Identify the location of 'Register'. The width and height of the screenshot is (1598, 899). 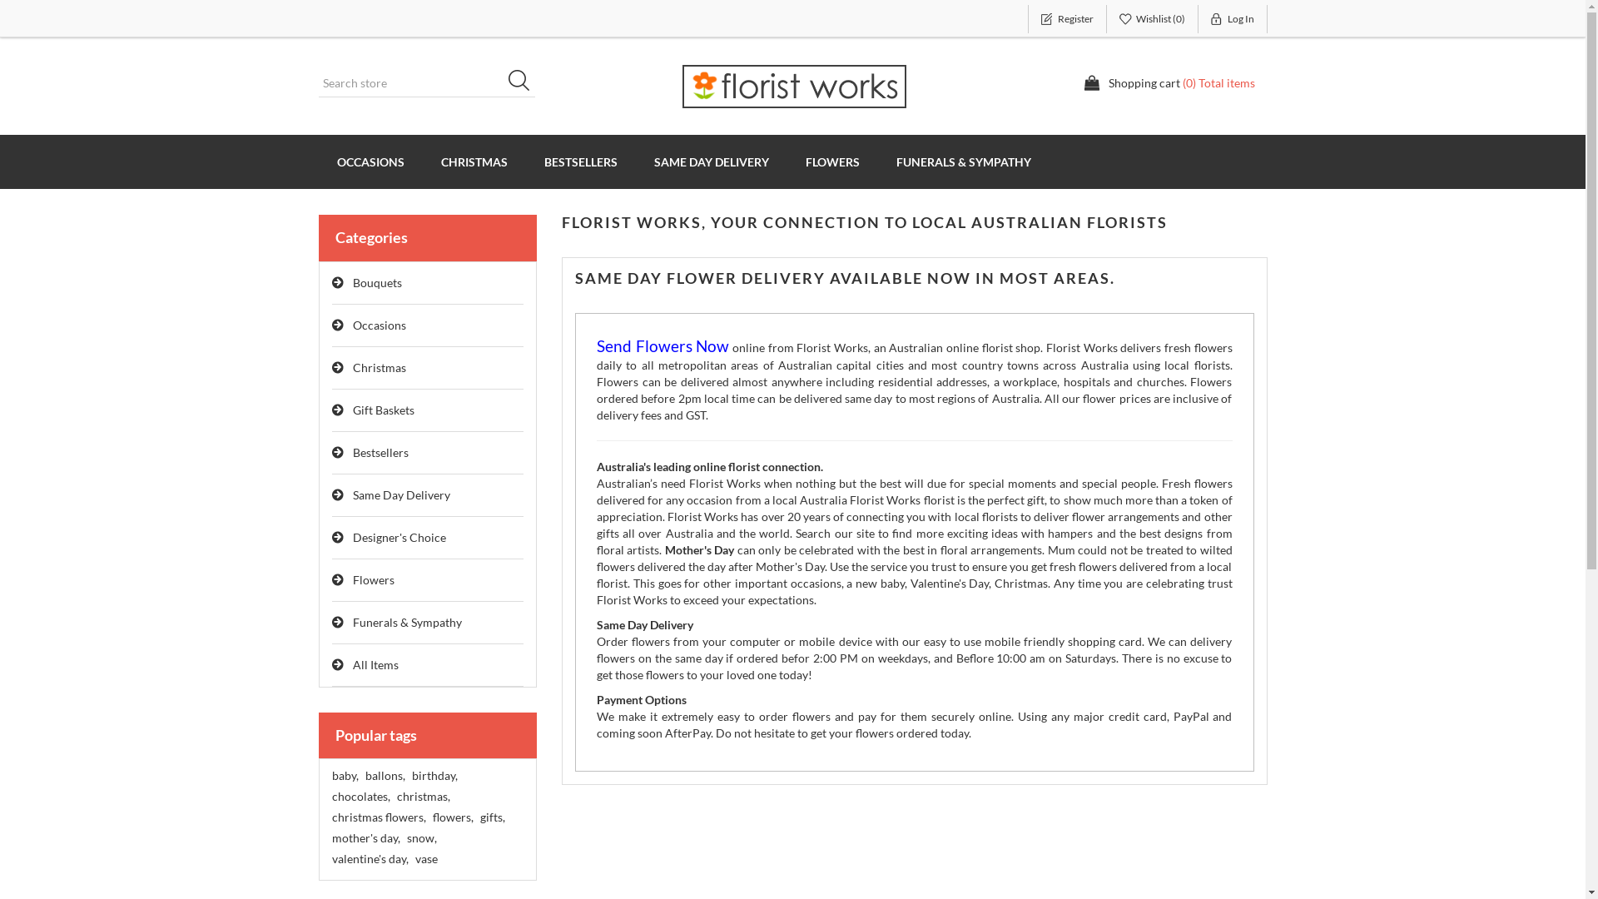
(1066, 19).